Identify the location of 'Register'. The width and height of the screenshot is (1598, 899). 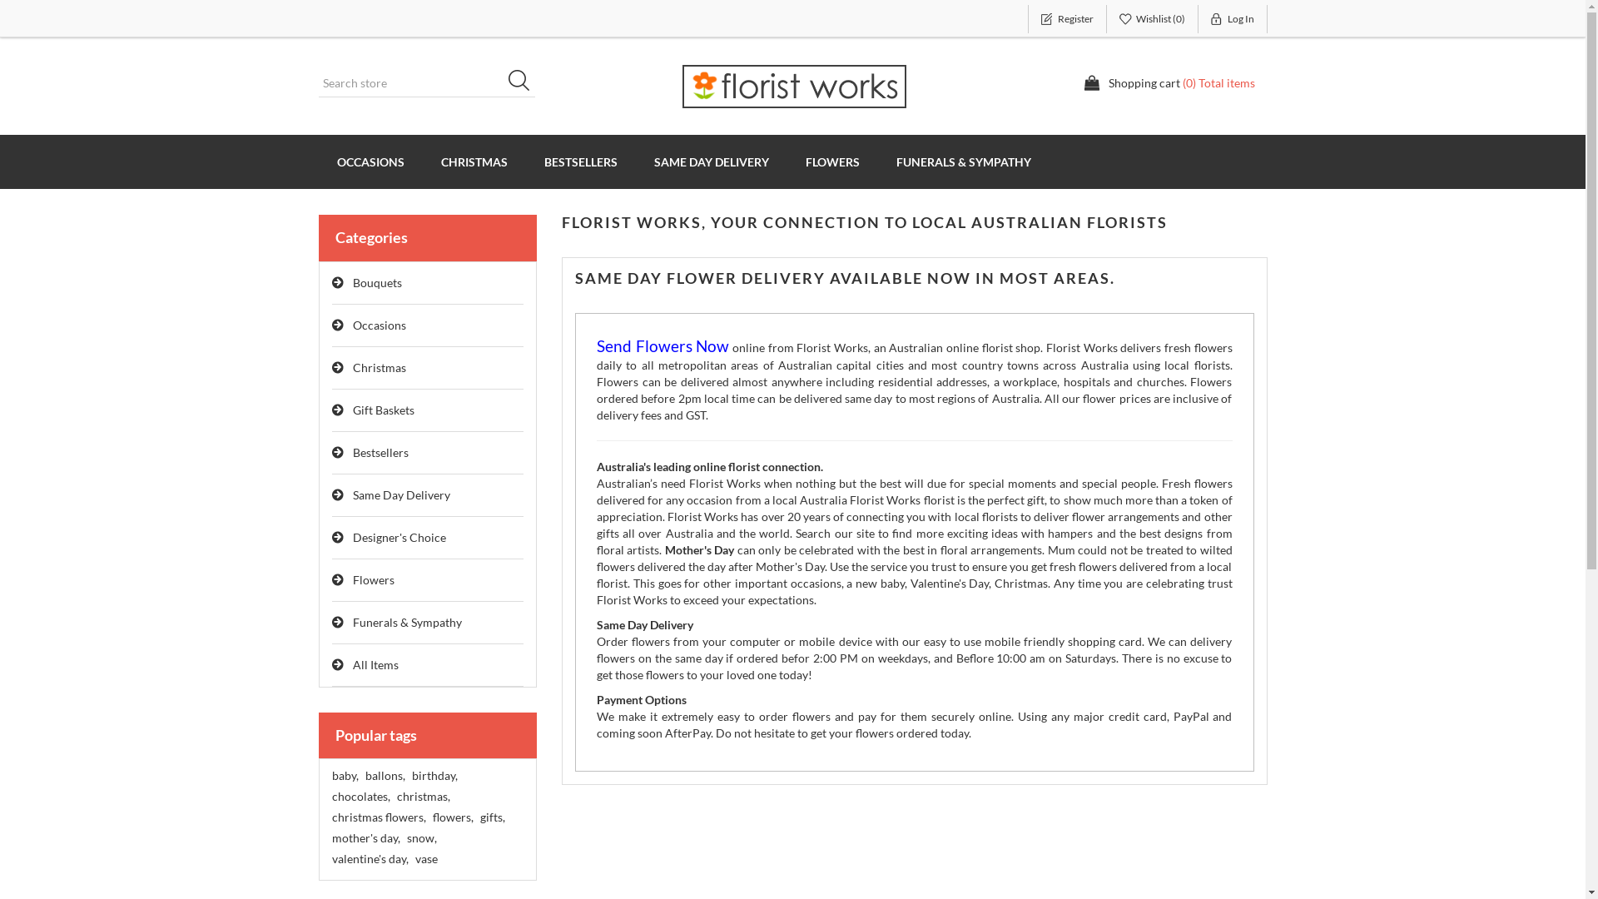
(1066, 19).